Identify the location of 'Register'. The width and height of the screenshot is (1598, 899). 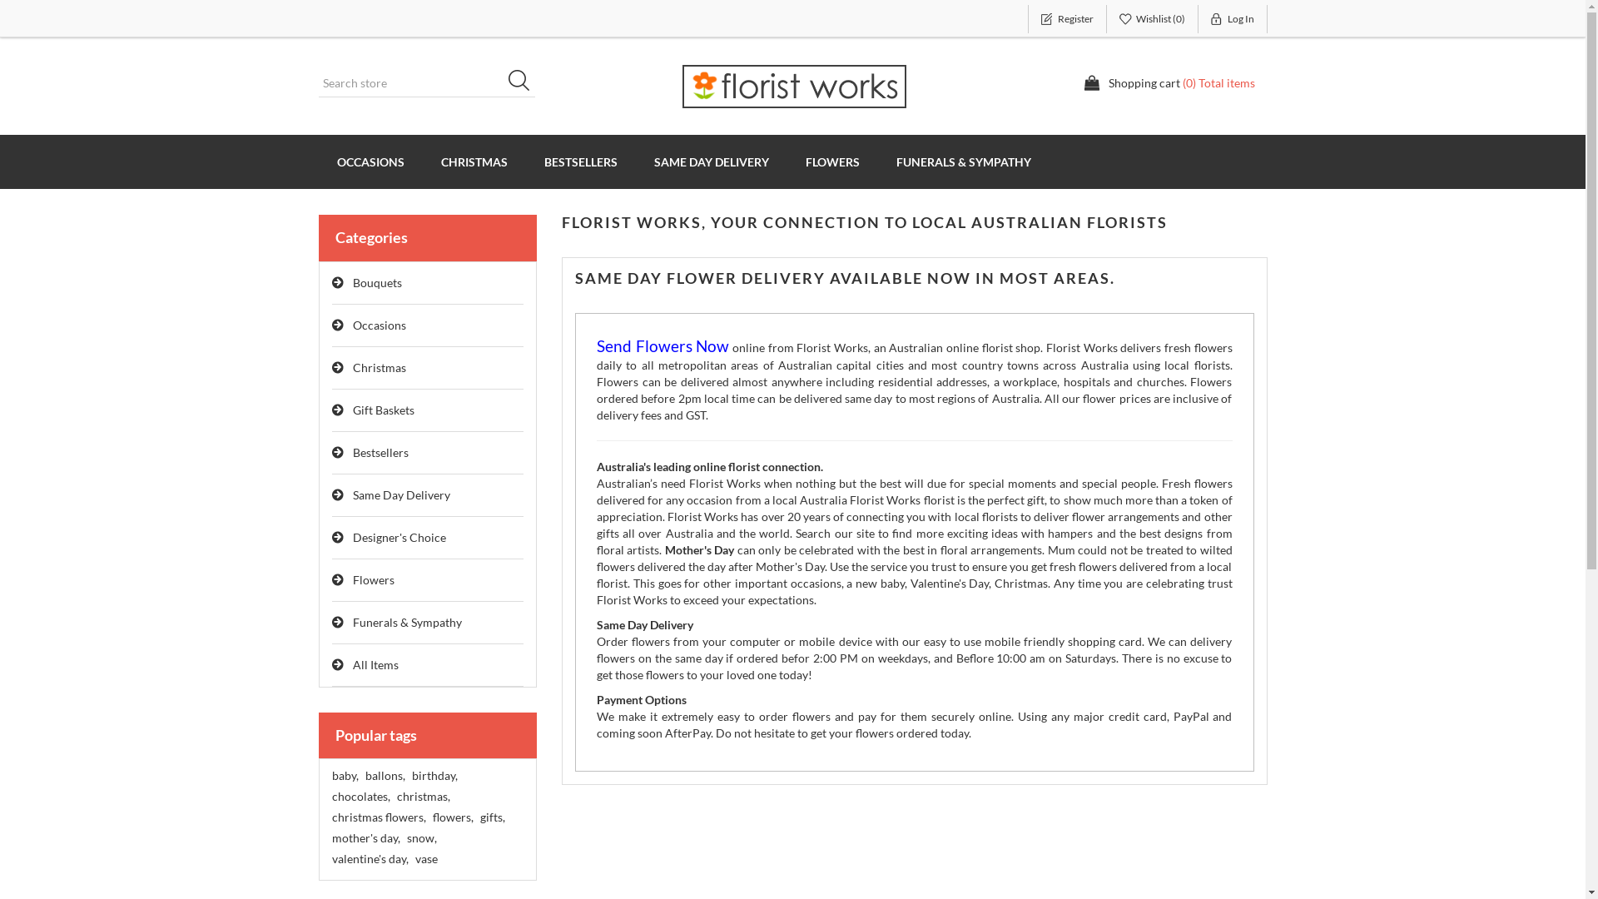
(1066, 19).